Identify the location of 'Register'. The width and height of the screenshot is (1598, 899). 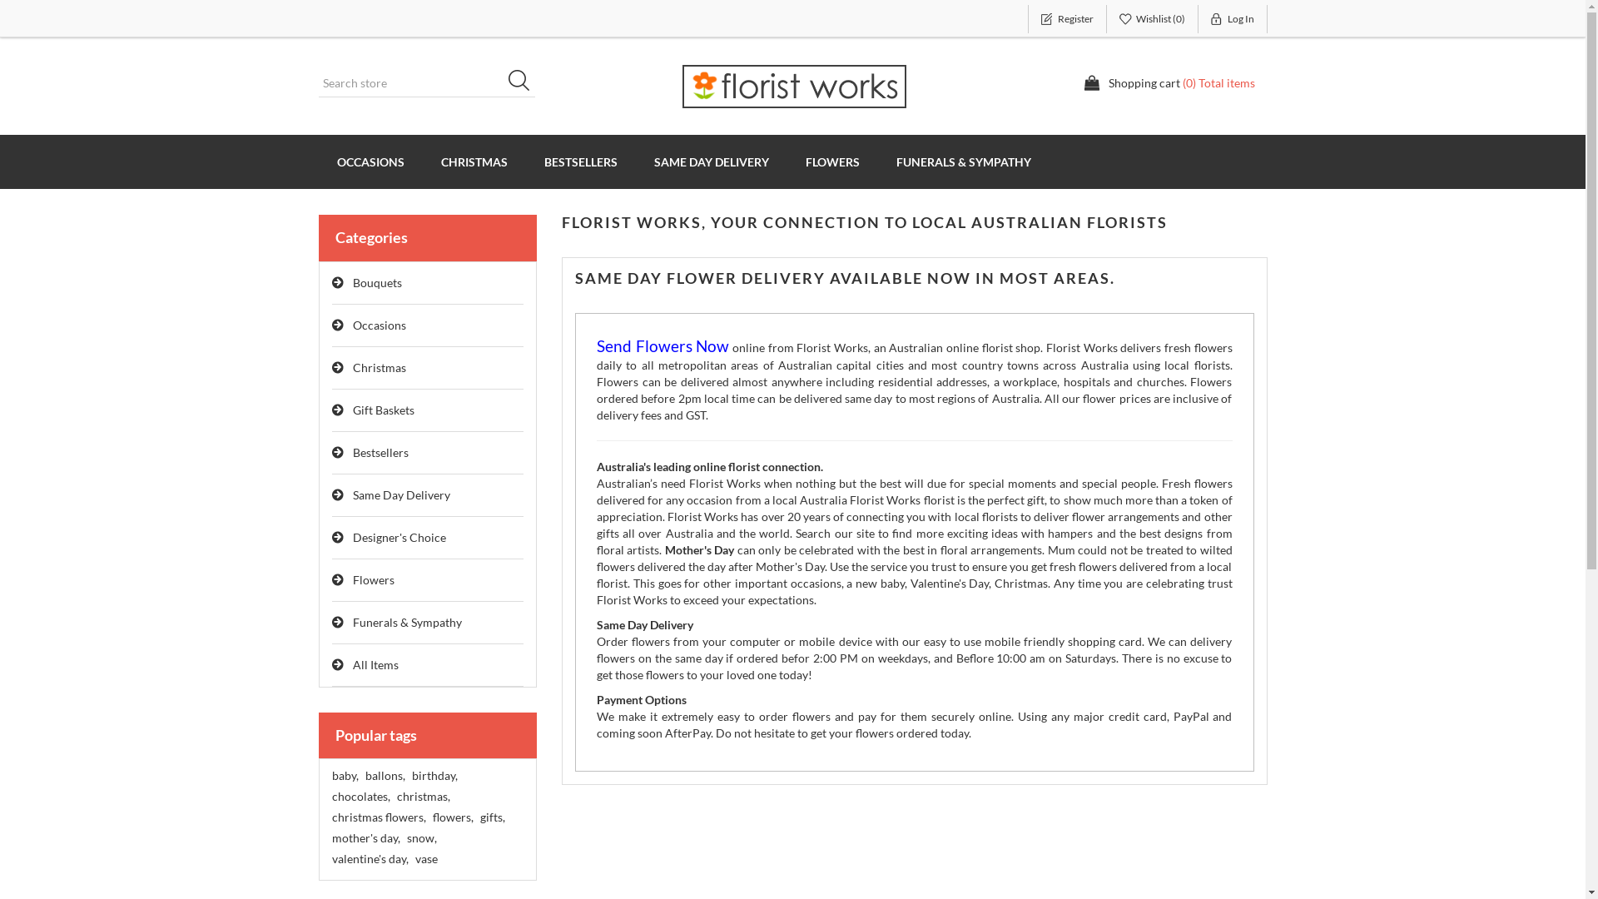
(1066, 19).